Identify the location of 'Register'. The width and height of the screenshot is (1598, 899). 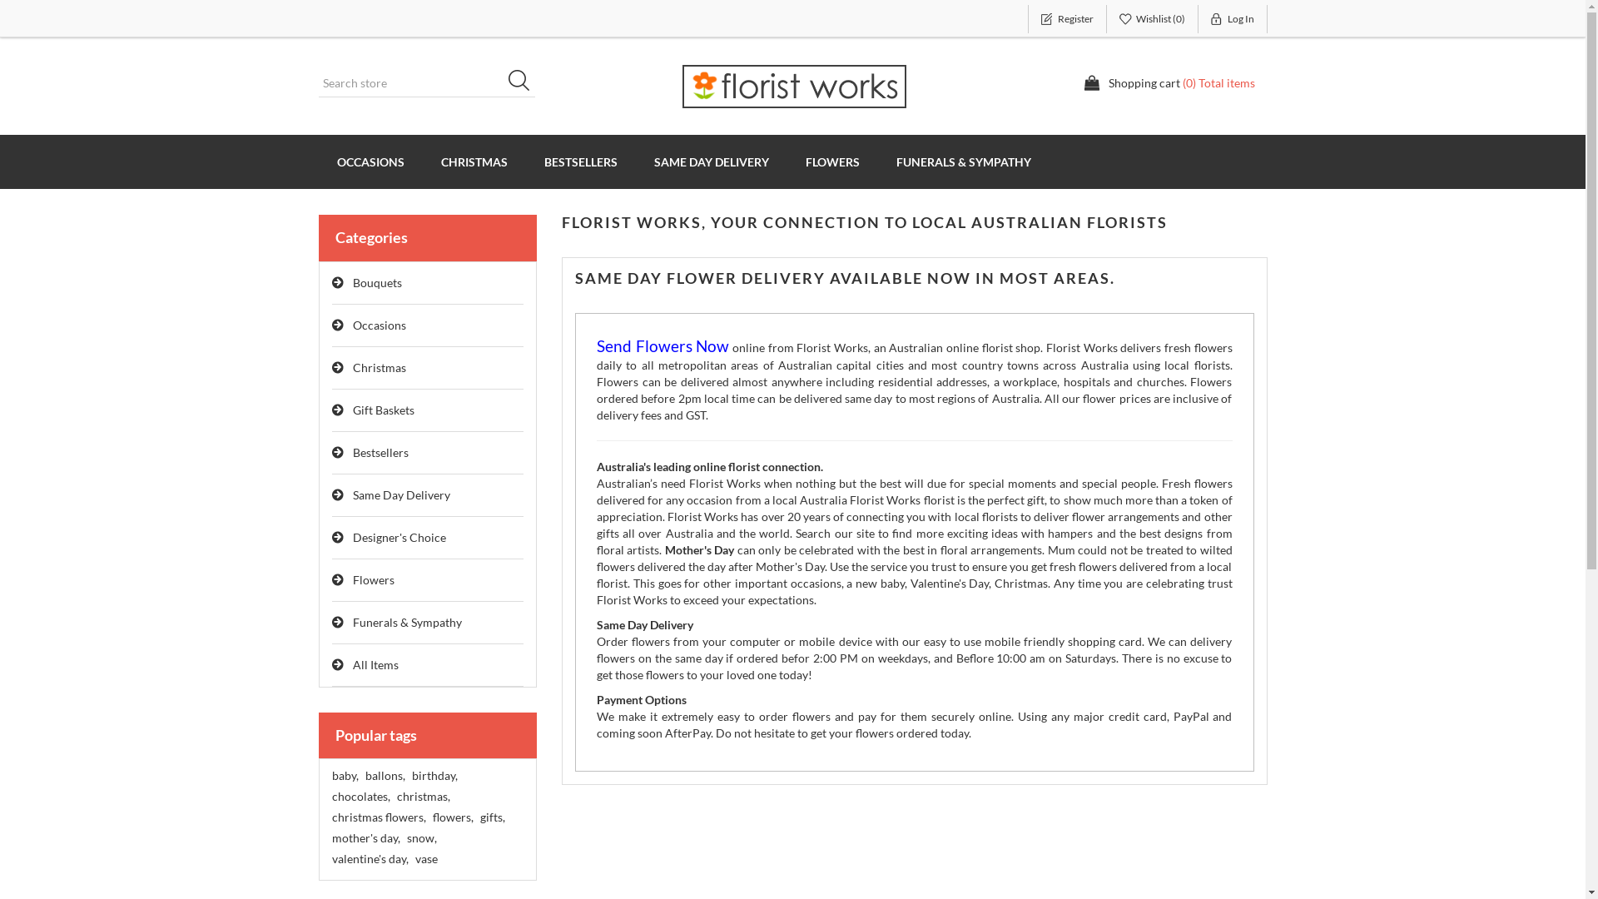
(1066, 19).